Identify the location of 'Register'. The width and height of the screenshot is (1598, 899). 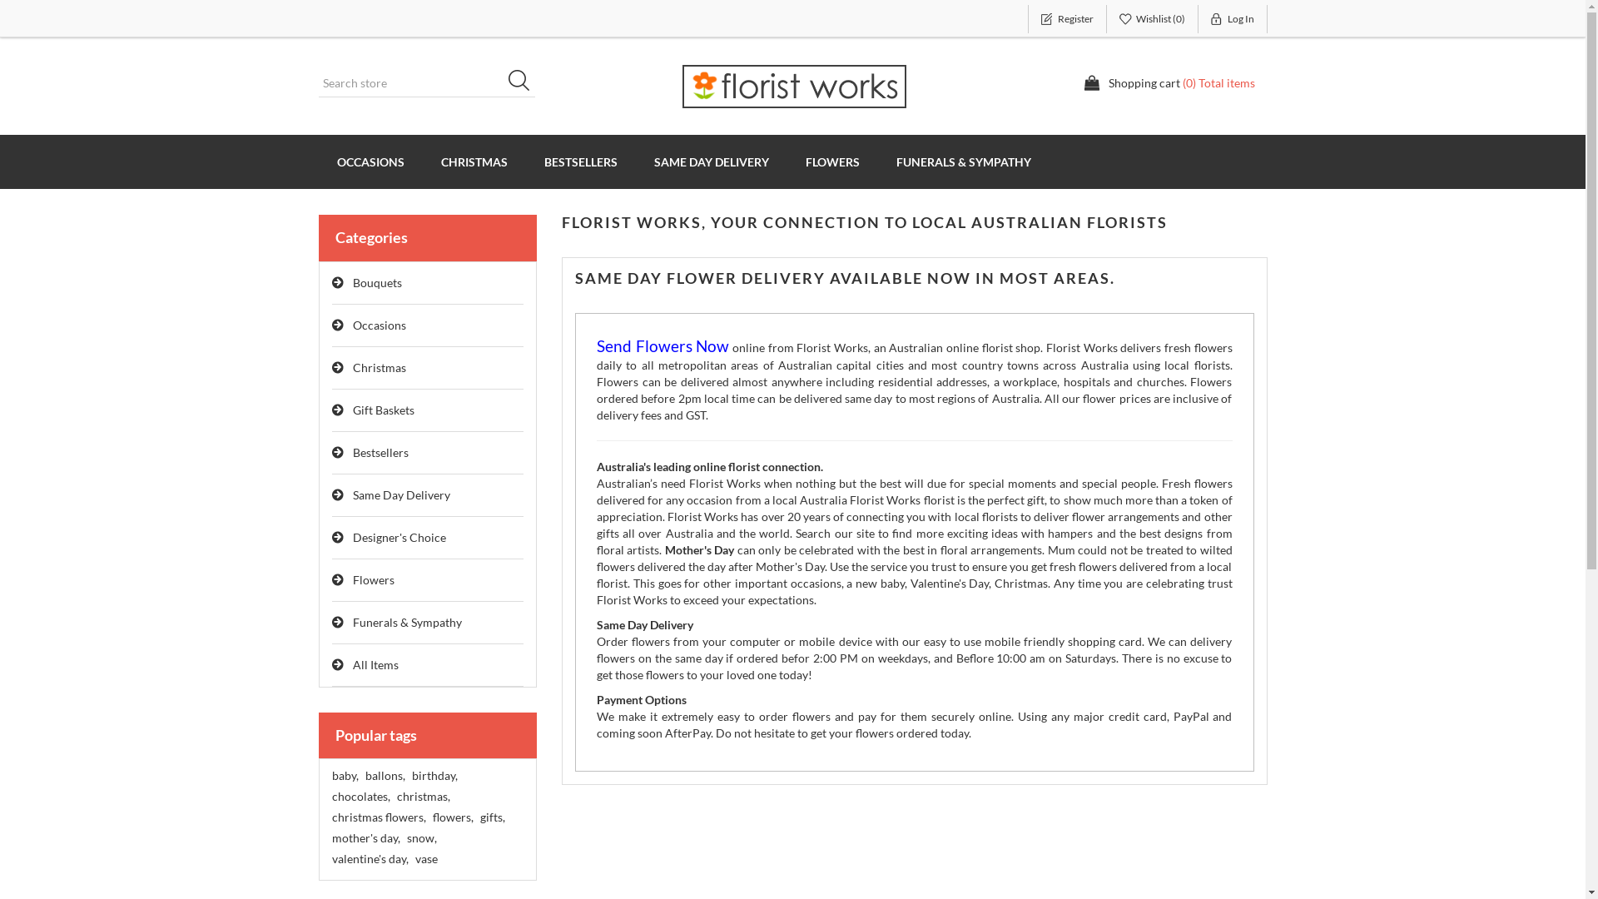
(1066, 19).